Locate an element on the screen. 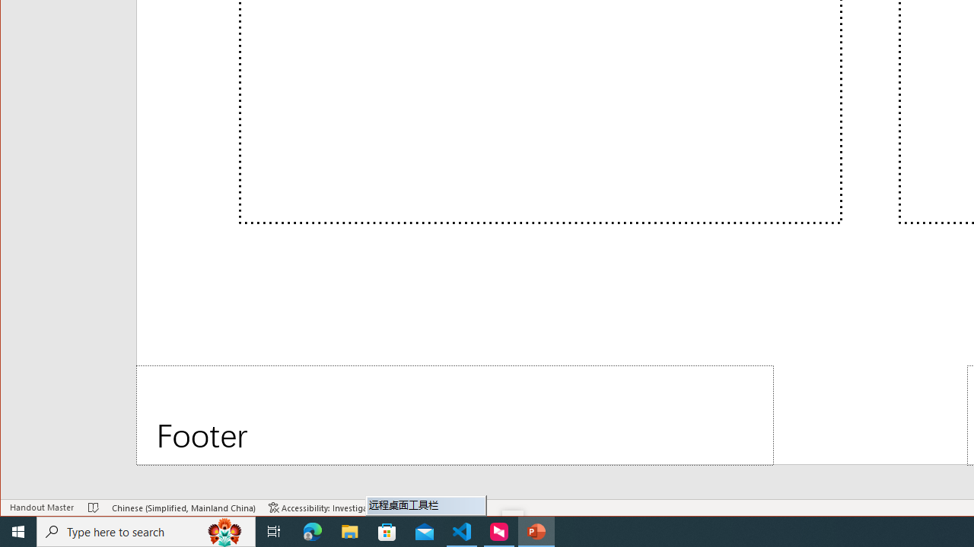  'Visual Studio Code - 1 running window' is located at coordinates (461, 530).